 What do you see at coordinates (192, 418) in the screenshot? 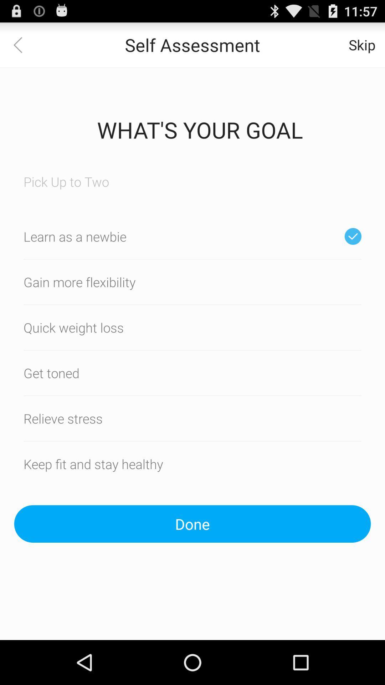
I see `relieve stress` at bounding box center [192, 418].